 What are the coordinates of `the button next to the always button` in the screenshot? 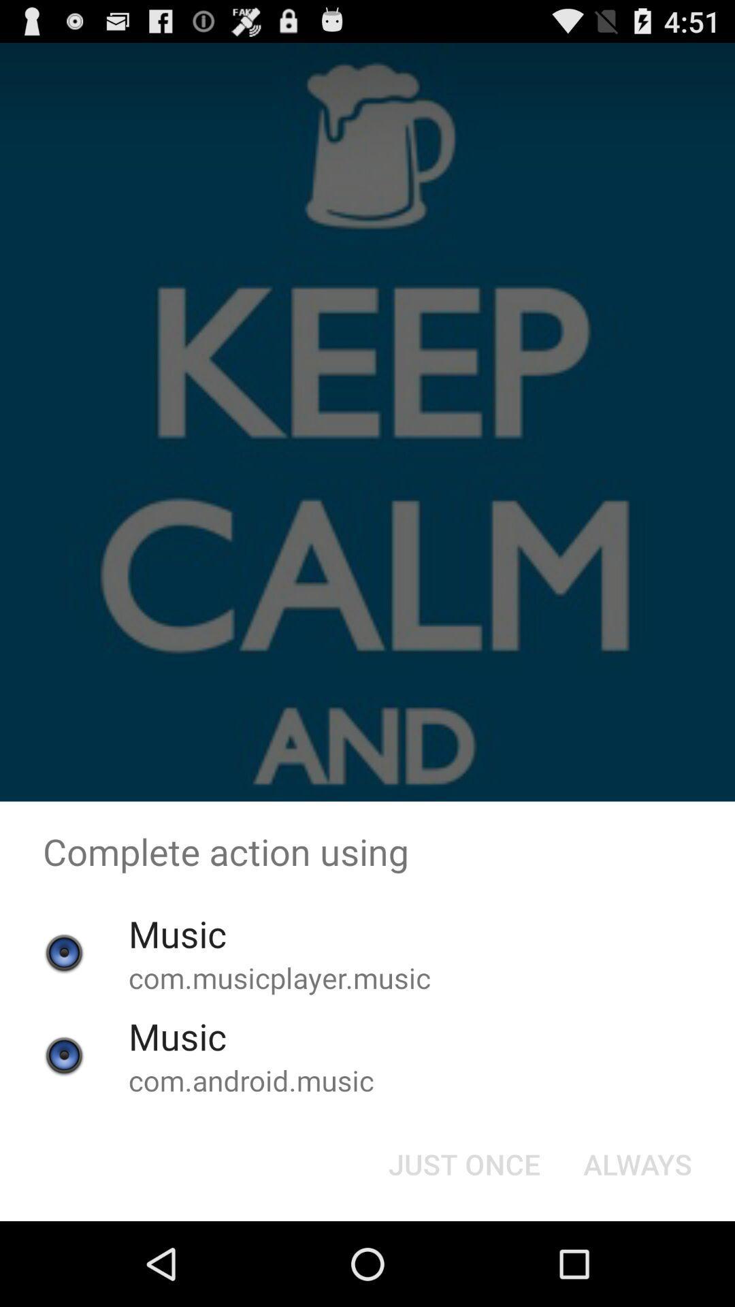 It's located at (463, 1163).